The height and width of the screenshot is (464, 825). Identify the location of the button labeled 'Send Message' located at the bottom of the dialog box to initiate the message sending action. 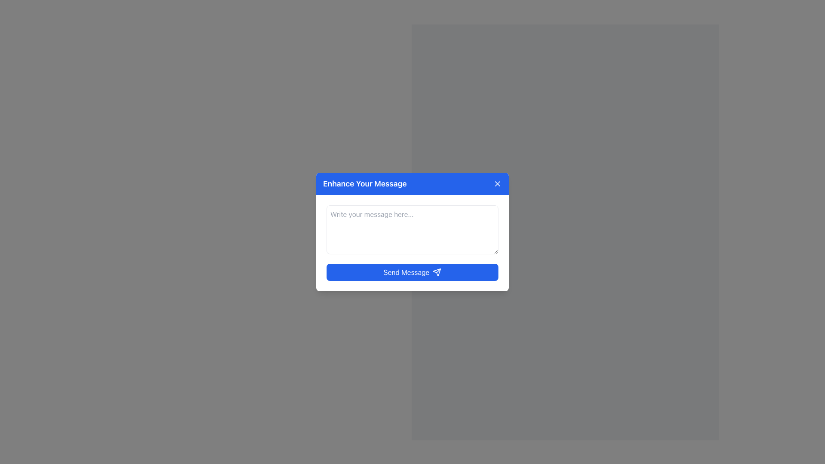
(406, 272).